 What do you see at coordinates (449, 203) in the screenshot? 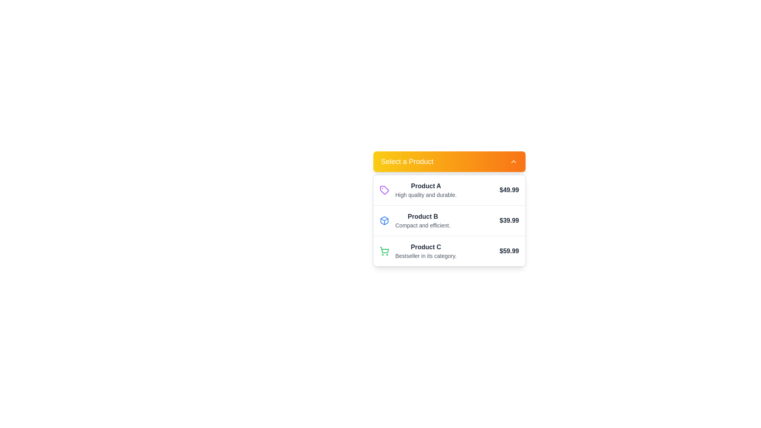
I see `the first product option in the dropdown menu` at bounding box center [449, 203].